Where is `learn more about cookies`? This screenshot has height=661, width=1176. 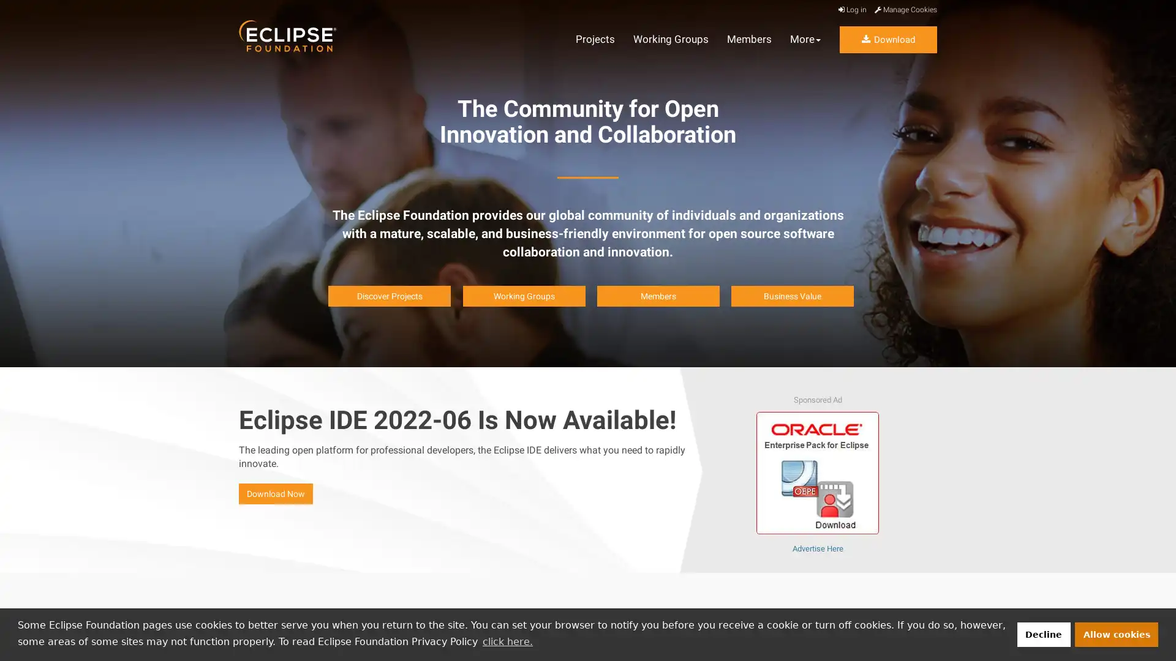
learn more about cookies is located at coordinates (507, 641).